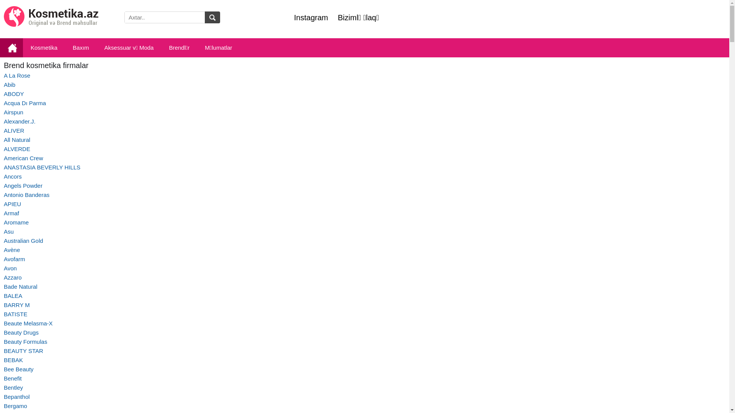 The image size is (735, 413). Describe the element at coordinates (16, 396) in the screenshot. I see `'Bepanthol'` at that location.